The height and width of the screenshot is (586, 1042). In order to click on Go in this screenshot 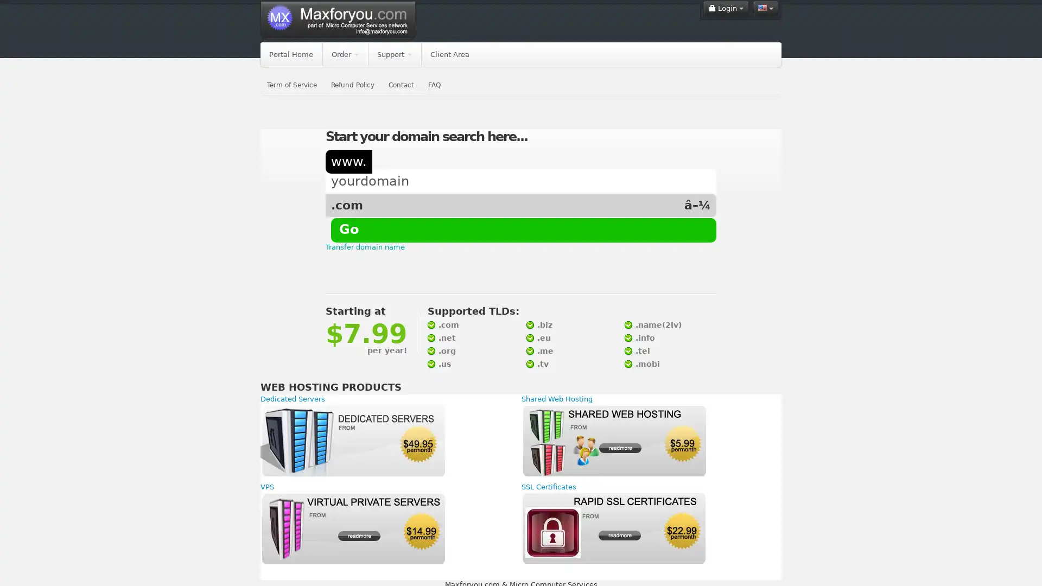, I will do `click(349, 230)`.